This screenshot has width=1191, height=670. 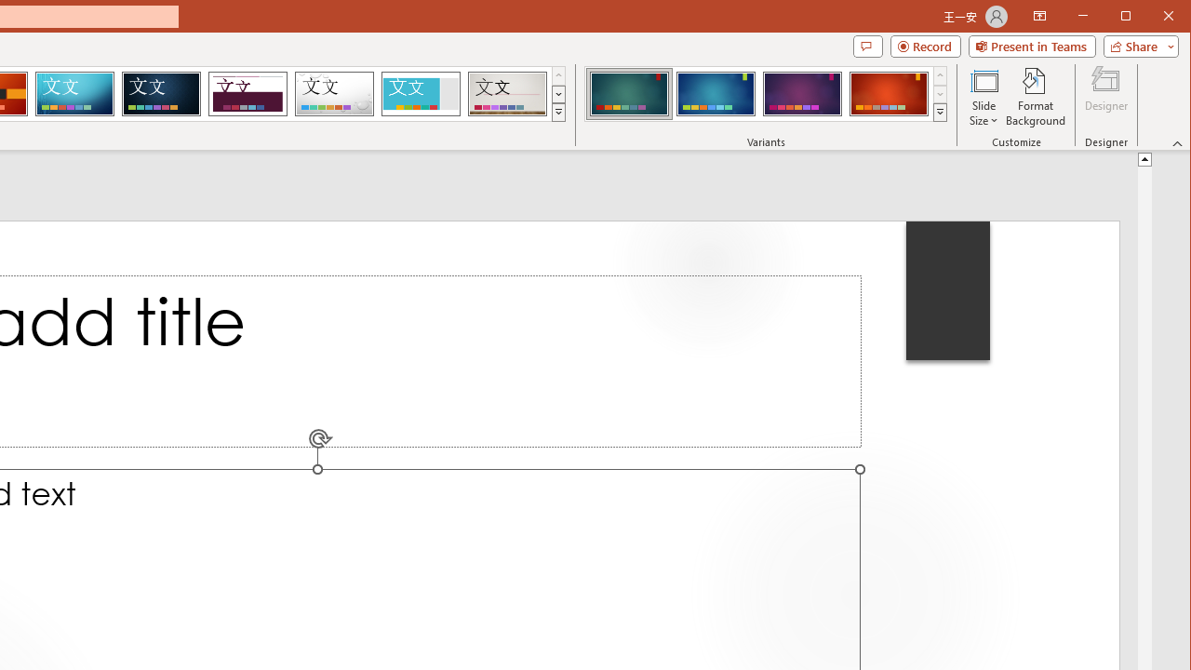 I want to click on 'Droplet', so click(x=334, y=93).